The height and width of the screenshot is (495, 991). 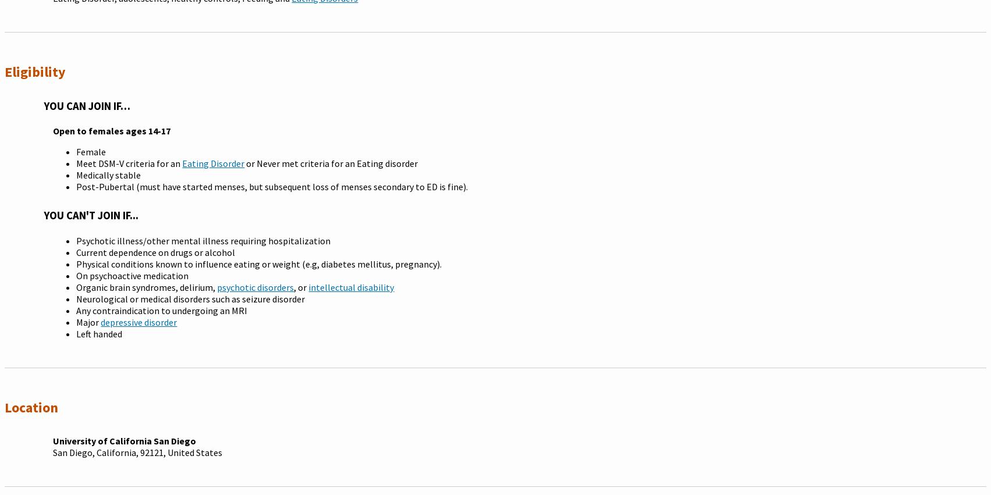 I want to click on 'San Diego', so click(x=52, y=451).